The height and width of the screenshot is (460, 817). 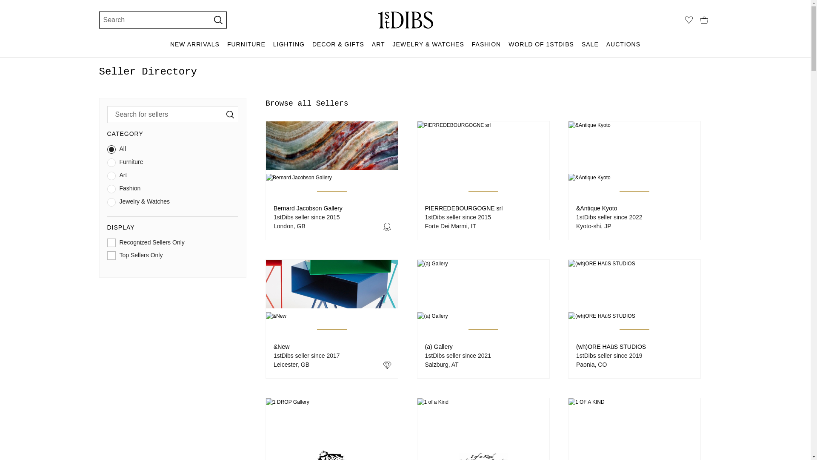 What do you see at coordinates (596, 208) in the screenshot?
I see `'&Antique Kyoto'` at bounding box center [596, 208].